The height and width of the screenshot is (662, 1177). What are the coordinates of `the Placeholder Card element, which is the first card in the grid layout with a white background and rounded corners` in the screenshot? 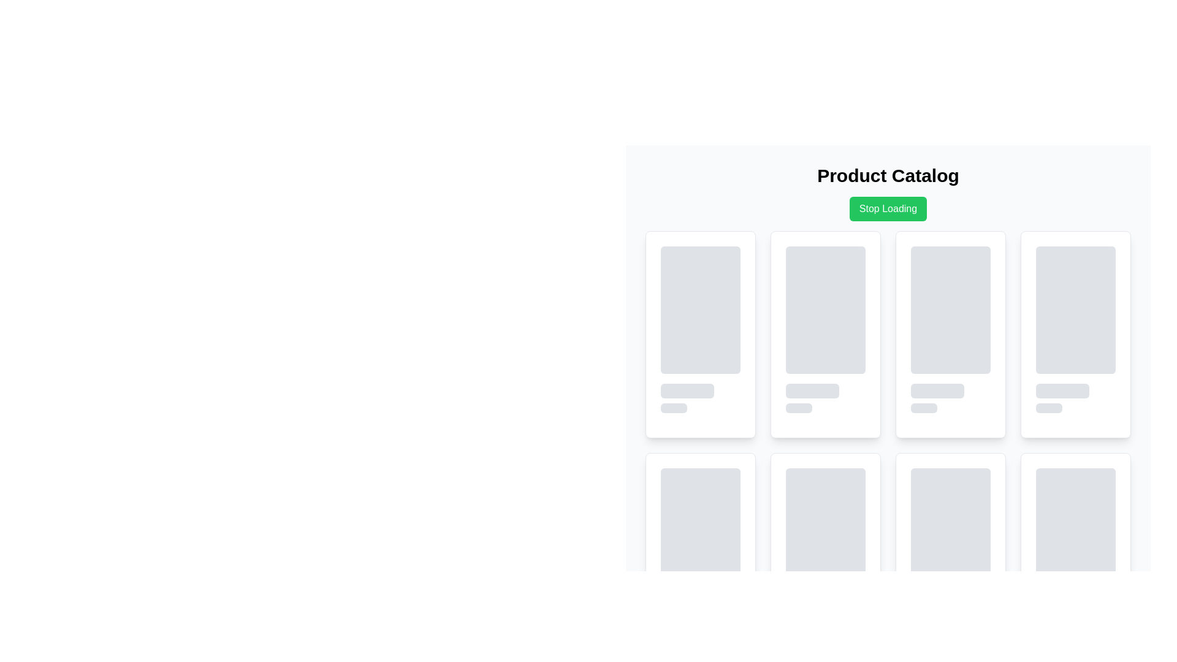 It's located at (700, 335).